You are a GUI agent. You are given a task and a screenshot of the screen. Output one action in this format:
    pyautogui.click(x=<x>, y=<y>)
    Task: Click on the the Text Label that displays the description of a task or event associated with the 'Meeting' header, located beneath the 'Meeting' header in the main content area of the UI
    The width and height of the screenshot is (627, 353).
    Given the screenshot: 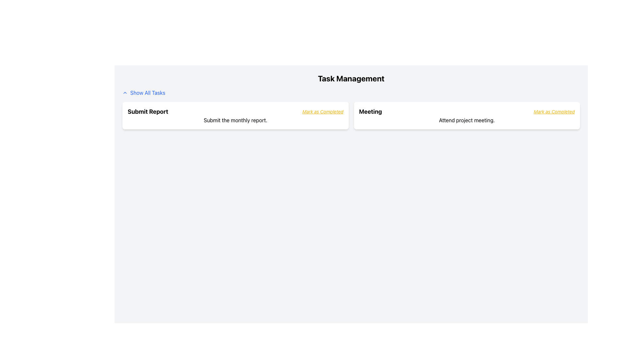 What is the action you would take?
    pyautogui.click(x=466, y=120)
    